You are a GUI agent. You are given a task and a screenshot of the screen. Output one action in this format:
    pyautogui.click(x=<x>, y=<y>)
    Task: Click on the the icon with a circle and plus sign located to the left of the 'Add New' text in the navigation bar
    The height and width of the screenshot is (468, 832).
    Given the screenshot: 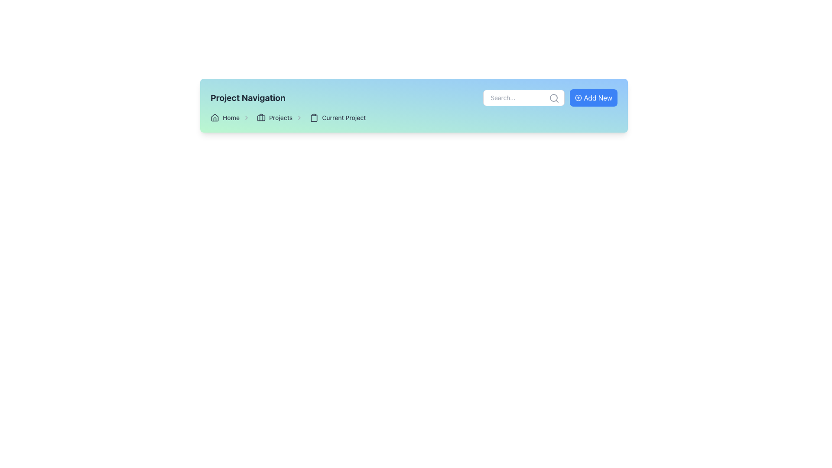 What is the action you would take?
    pyautogui.click(x=578, y=97)
    